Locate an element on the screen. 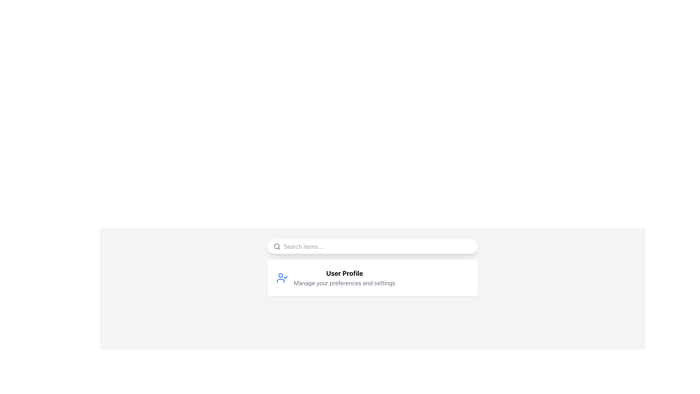 The image size is (700, 394). the Text Label that serves as a section header for managing account preferences and settings, located under the search bar and to the right of the user icon with a checkmark is located at coordinates (344, 278).